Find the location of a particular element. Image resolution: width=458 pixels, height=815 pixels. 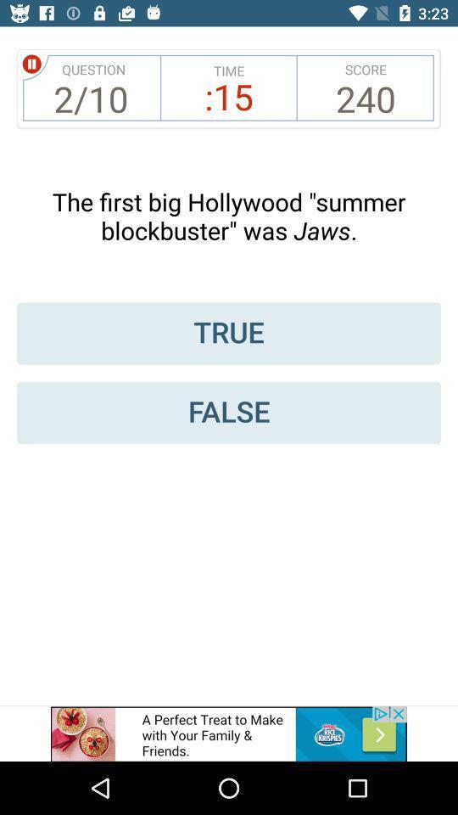

the advertisement page is located at coordinates (229, 733).